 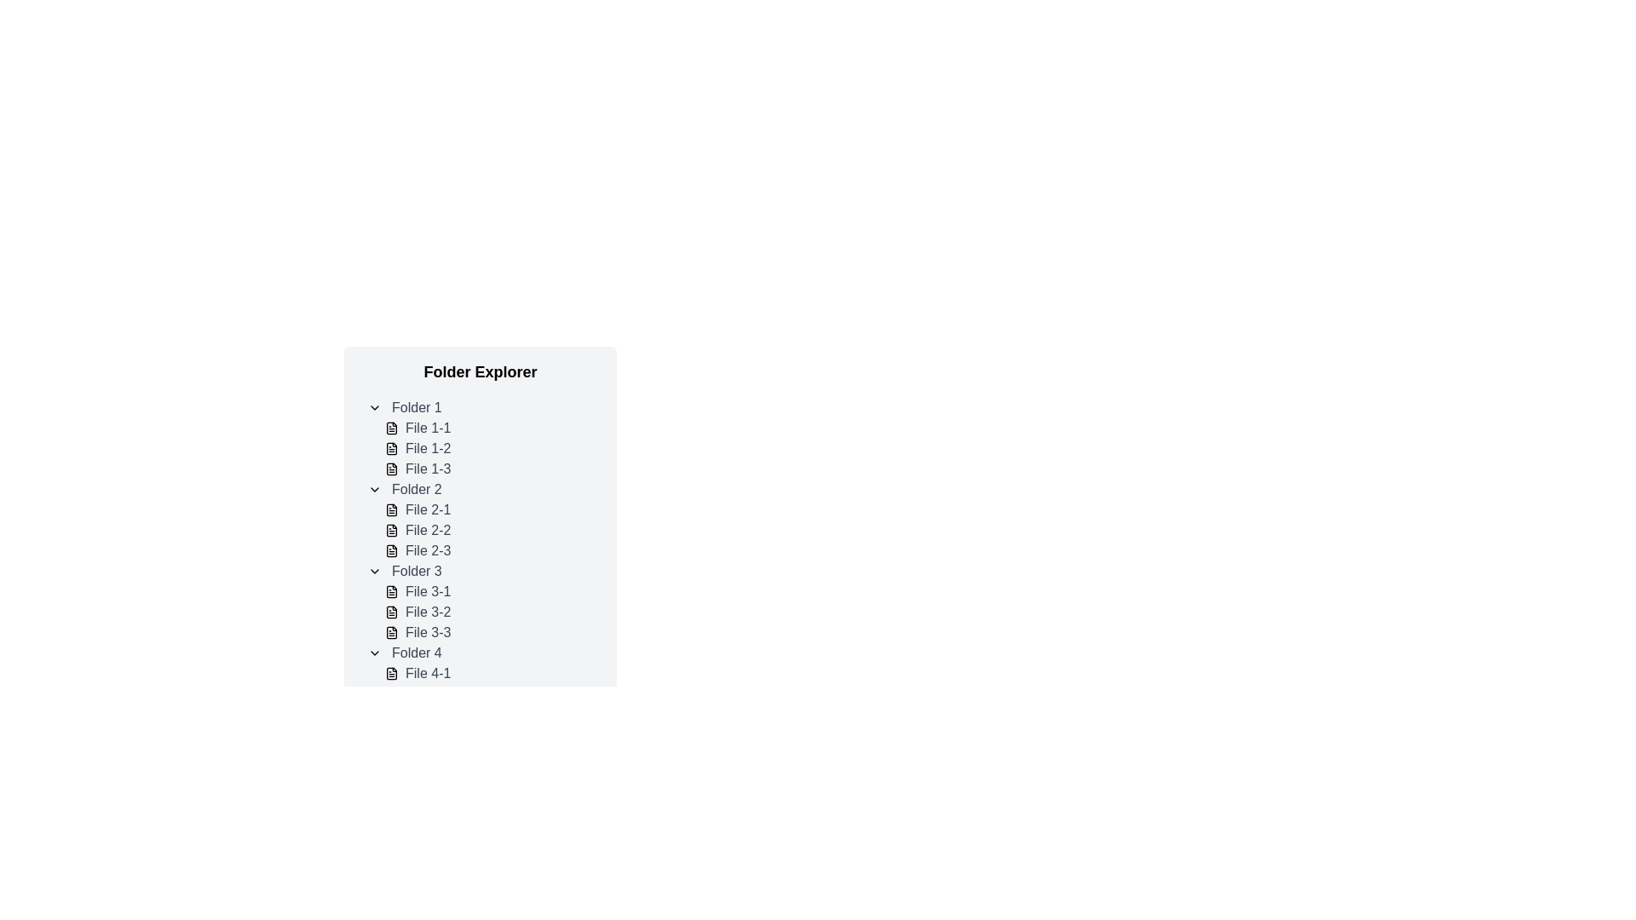 What do you see at coordinates (374, 653) in the screenshot?
I see `the expand/collapse button for 'Folder 4', which is located immediately to the left of the 'Folder 4' text in the folder navigation interface` at bounding box center [374, 653].